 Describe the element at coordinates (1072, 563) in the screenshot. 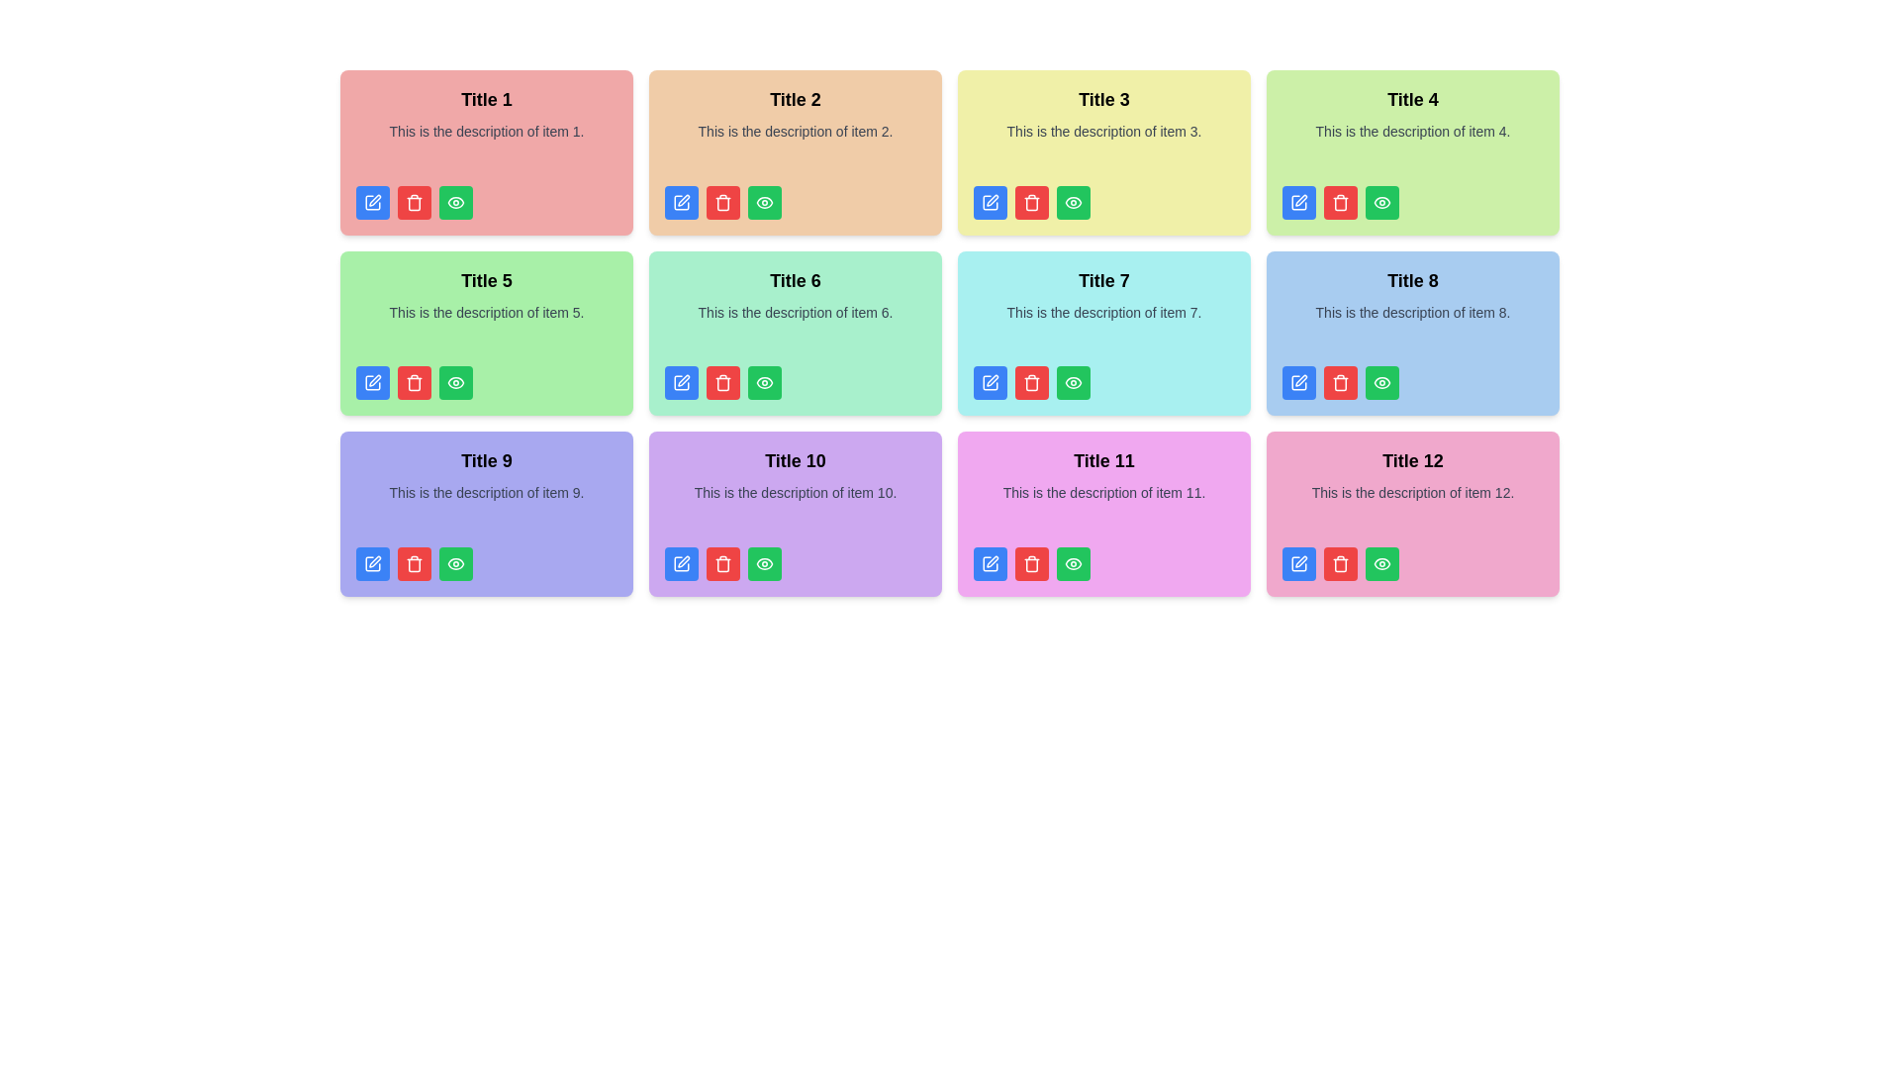

I see `the button with a green background and eye icon at the bottom of the card labeled 'Title 11'` at that location.